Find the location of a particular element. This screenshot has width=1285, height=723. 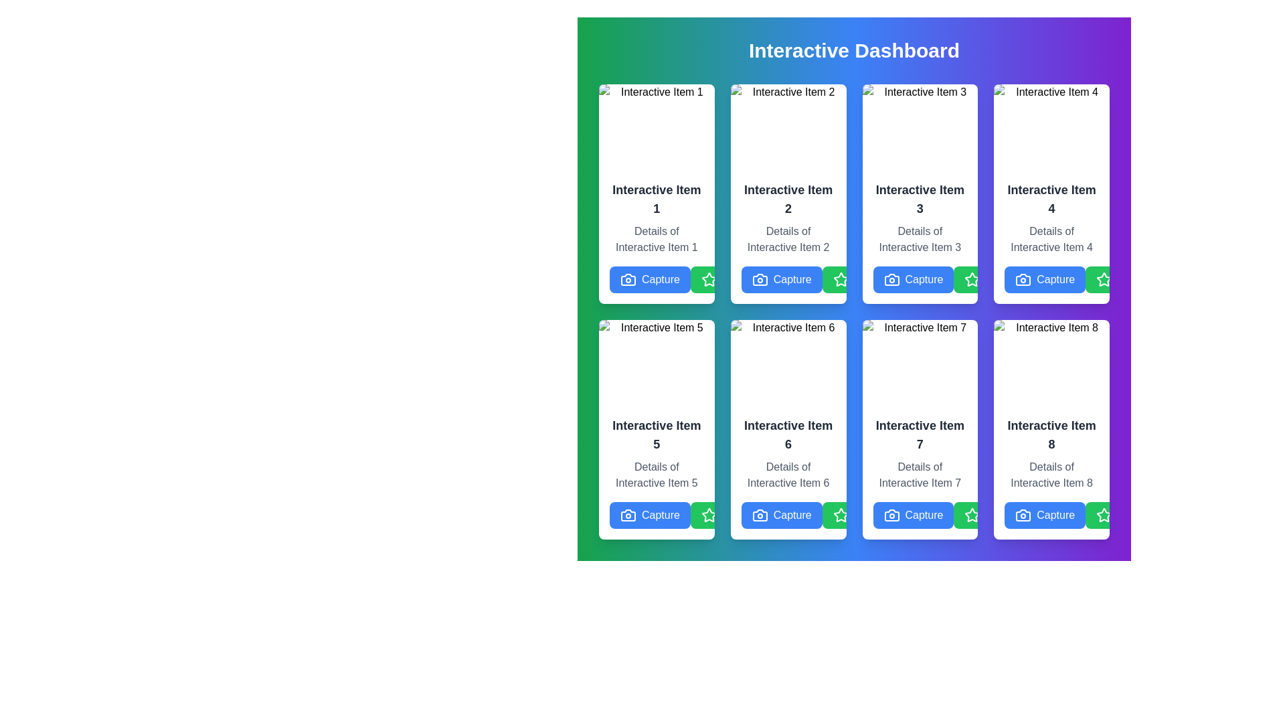

the star-shaped icon outlined in green, located within the 'Favorite' button at the bottom of 'Interactive Item 7', to favorite the item is located at coordinates (972, 515).